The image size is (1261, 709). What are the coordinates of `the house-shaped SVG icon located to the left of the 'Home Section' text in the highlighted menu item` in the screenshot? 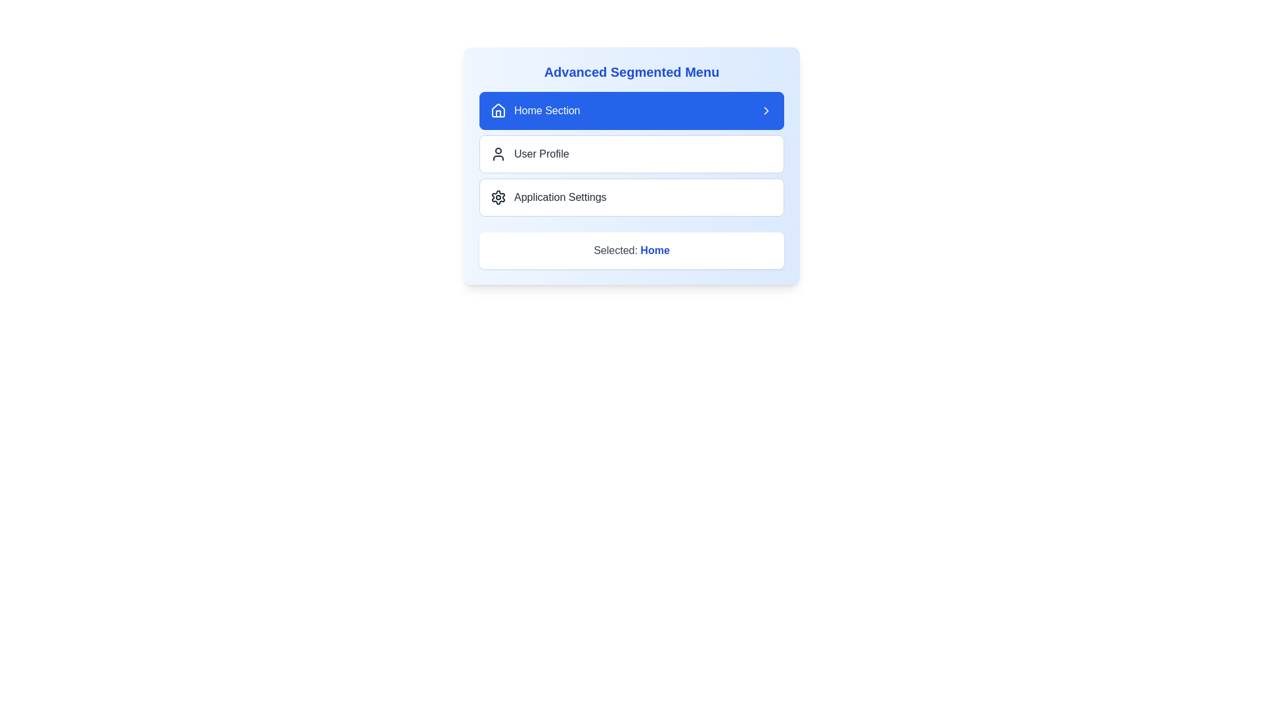 It's located at (497, 110).